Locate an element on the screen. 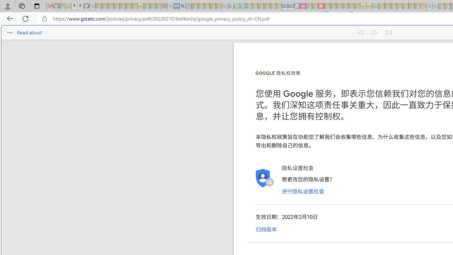 The height and width of the screenshot is (255, 453). 'Jobs - lastminute.com Investor Portal - Sleeping' is located at coordinates (303, 6).